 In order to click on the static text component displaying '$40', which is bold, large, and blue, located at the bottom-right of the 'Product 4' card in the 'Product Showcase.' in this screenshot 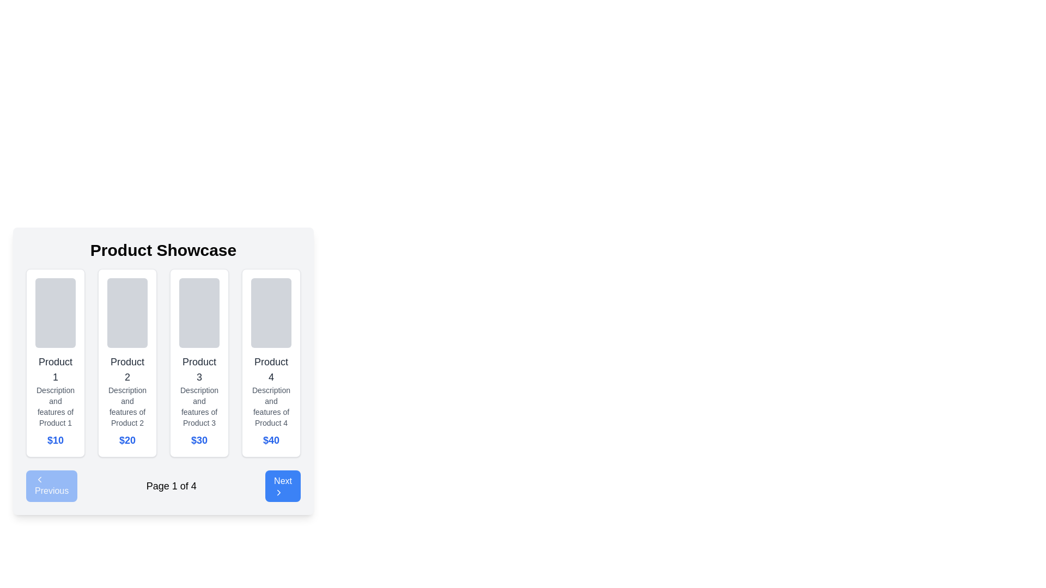, I will do `click(271, 440)`.